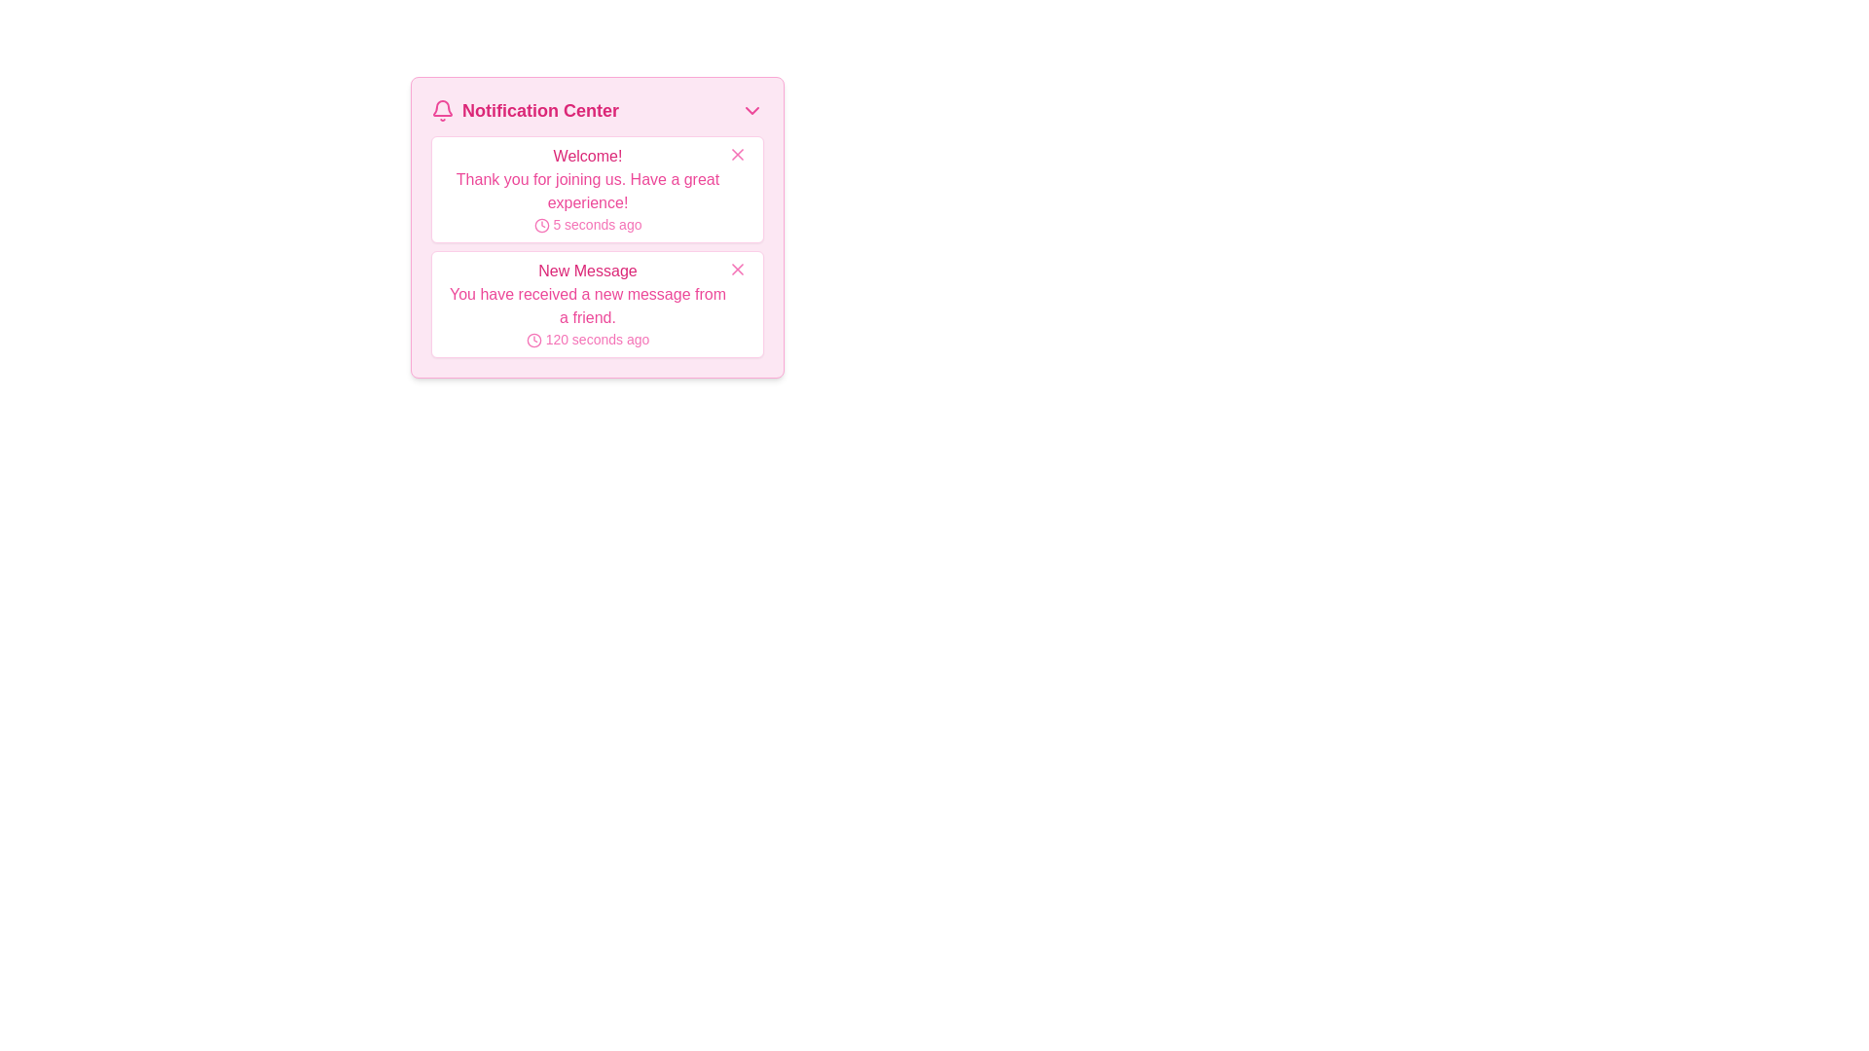 This screenshot has height=1051, width=1869. I want to click on the Label with an icon displaying '5 seconds ago' in pink color, located below the message in the 'Welcome!' notification box, so click(587, 224).